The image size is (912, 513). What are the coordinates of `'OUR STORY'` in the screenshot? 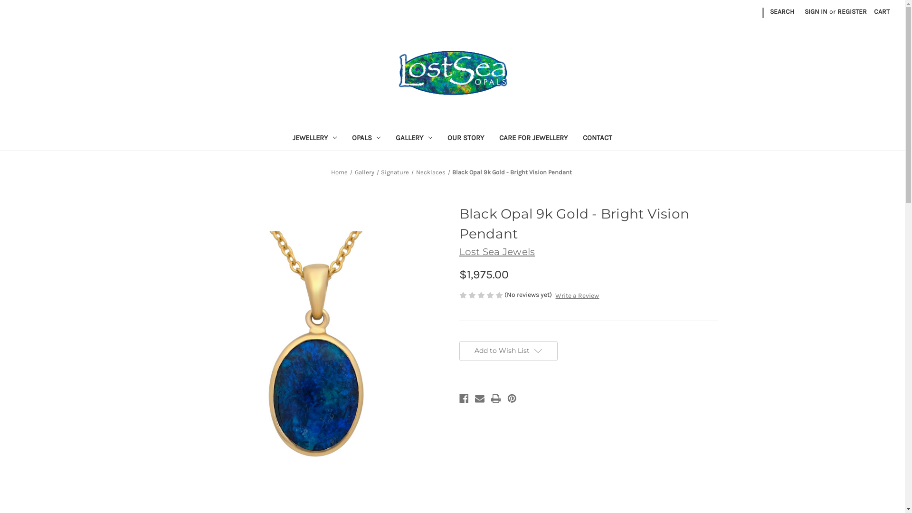 It's located at (465, 139).